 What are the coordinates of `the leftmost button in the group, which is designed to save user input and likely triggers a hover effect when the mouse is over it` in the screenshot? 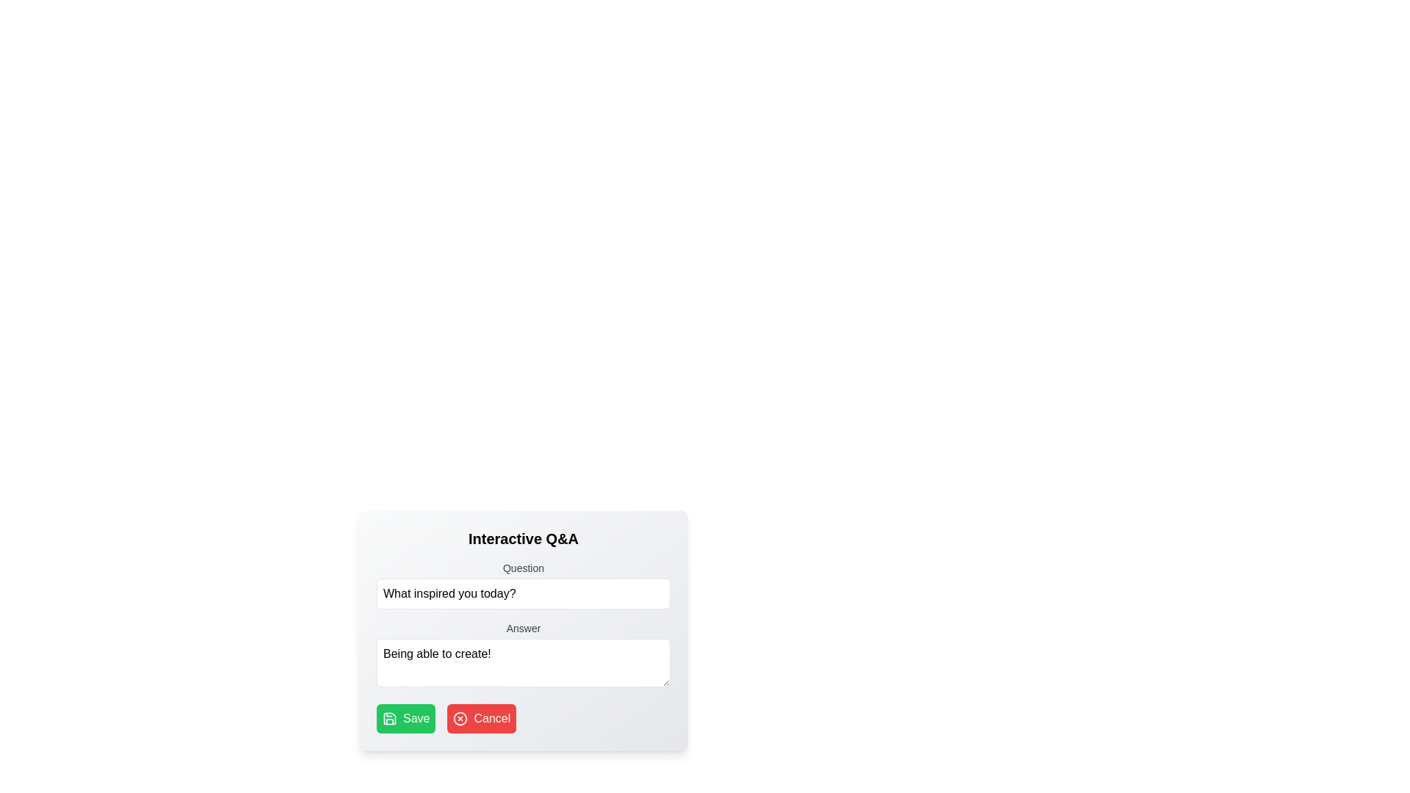 It's located at (406, 718).